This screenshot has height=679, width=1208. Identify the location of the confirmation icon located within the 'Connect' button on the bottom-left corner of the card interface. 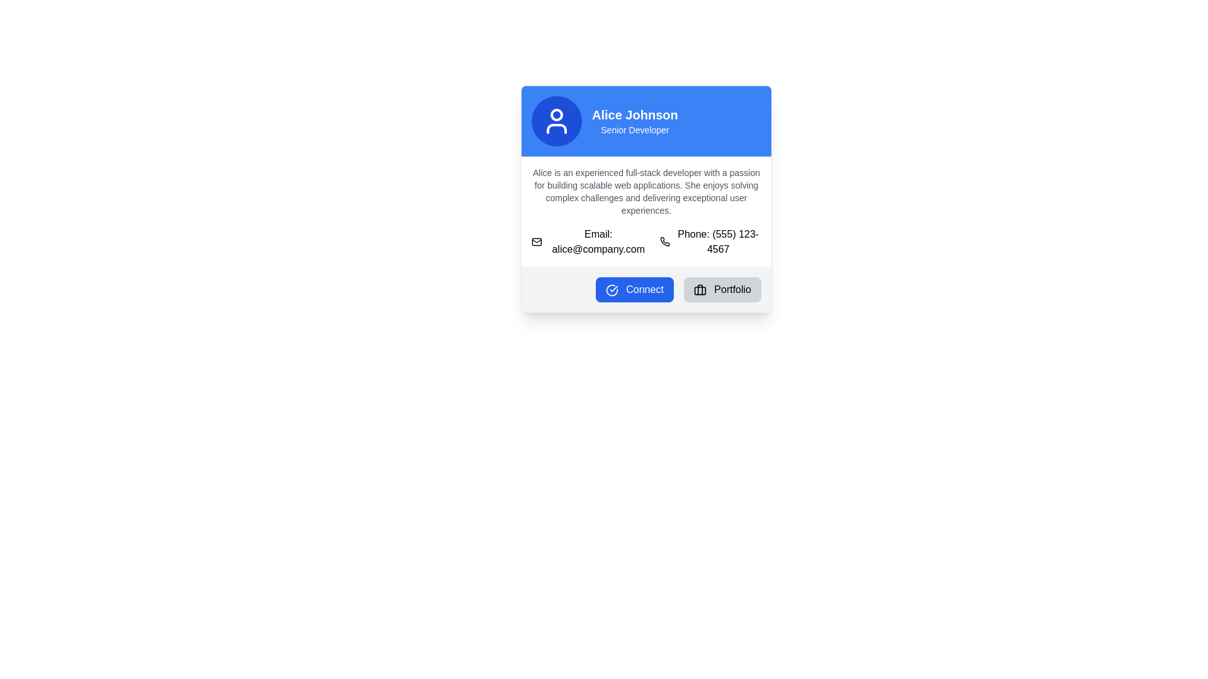
(612, 290).